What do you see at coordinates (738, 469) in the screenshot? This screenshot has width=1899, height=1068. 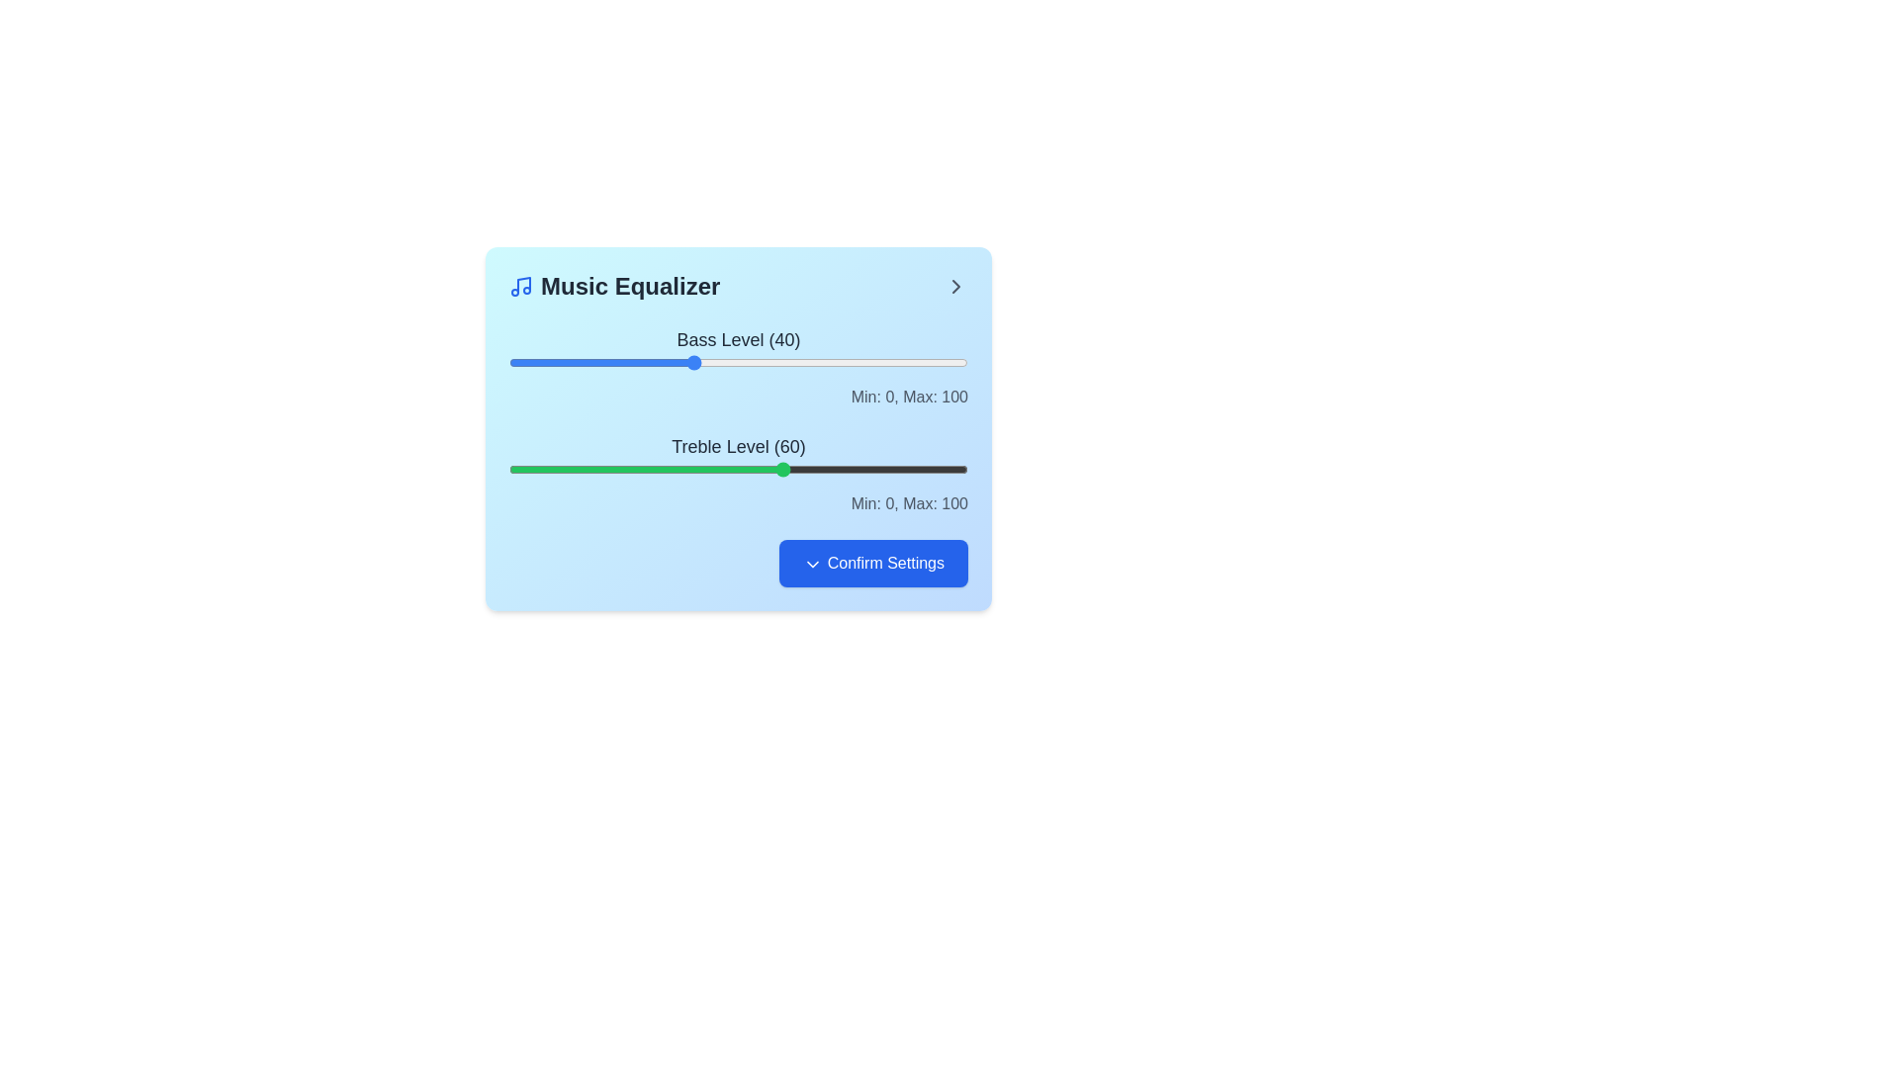 I see `the 'Treble Level (60)' slider in the 'Music Equalizer' section` at bounding box center [738, 469].